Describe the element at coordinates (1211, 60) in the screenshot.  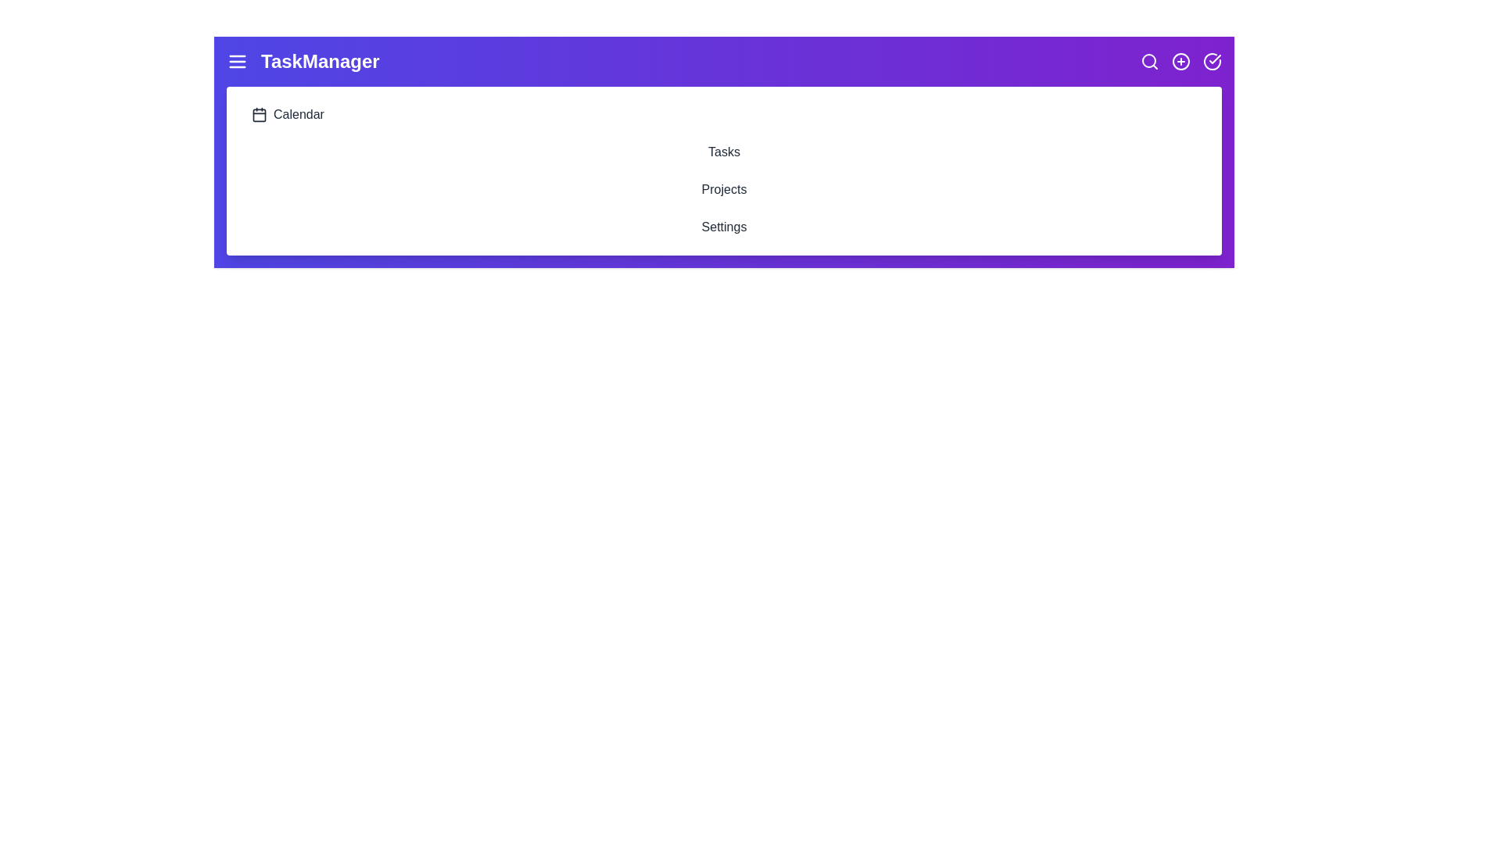
I see `the check circle icon to mark tasks as complete` at that location.